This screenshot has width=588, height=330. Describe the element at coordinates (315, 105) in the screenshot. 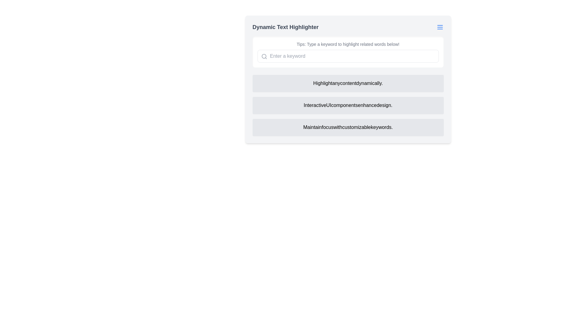

I see `the text element that serves as a visual label or content, located in the second row of a vertically stacked list, specifically the first word of the line followed by 'UI components enhance design.'` at that location.